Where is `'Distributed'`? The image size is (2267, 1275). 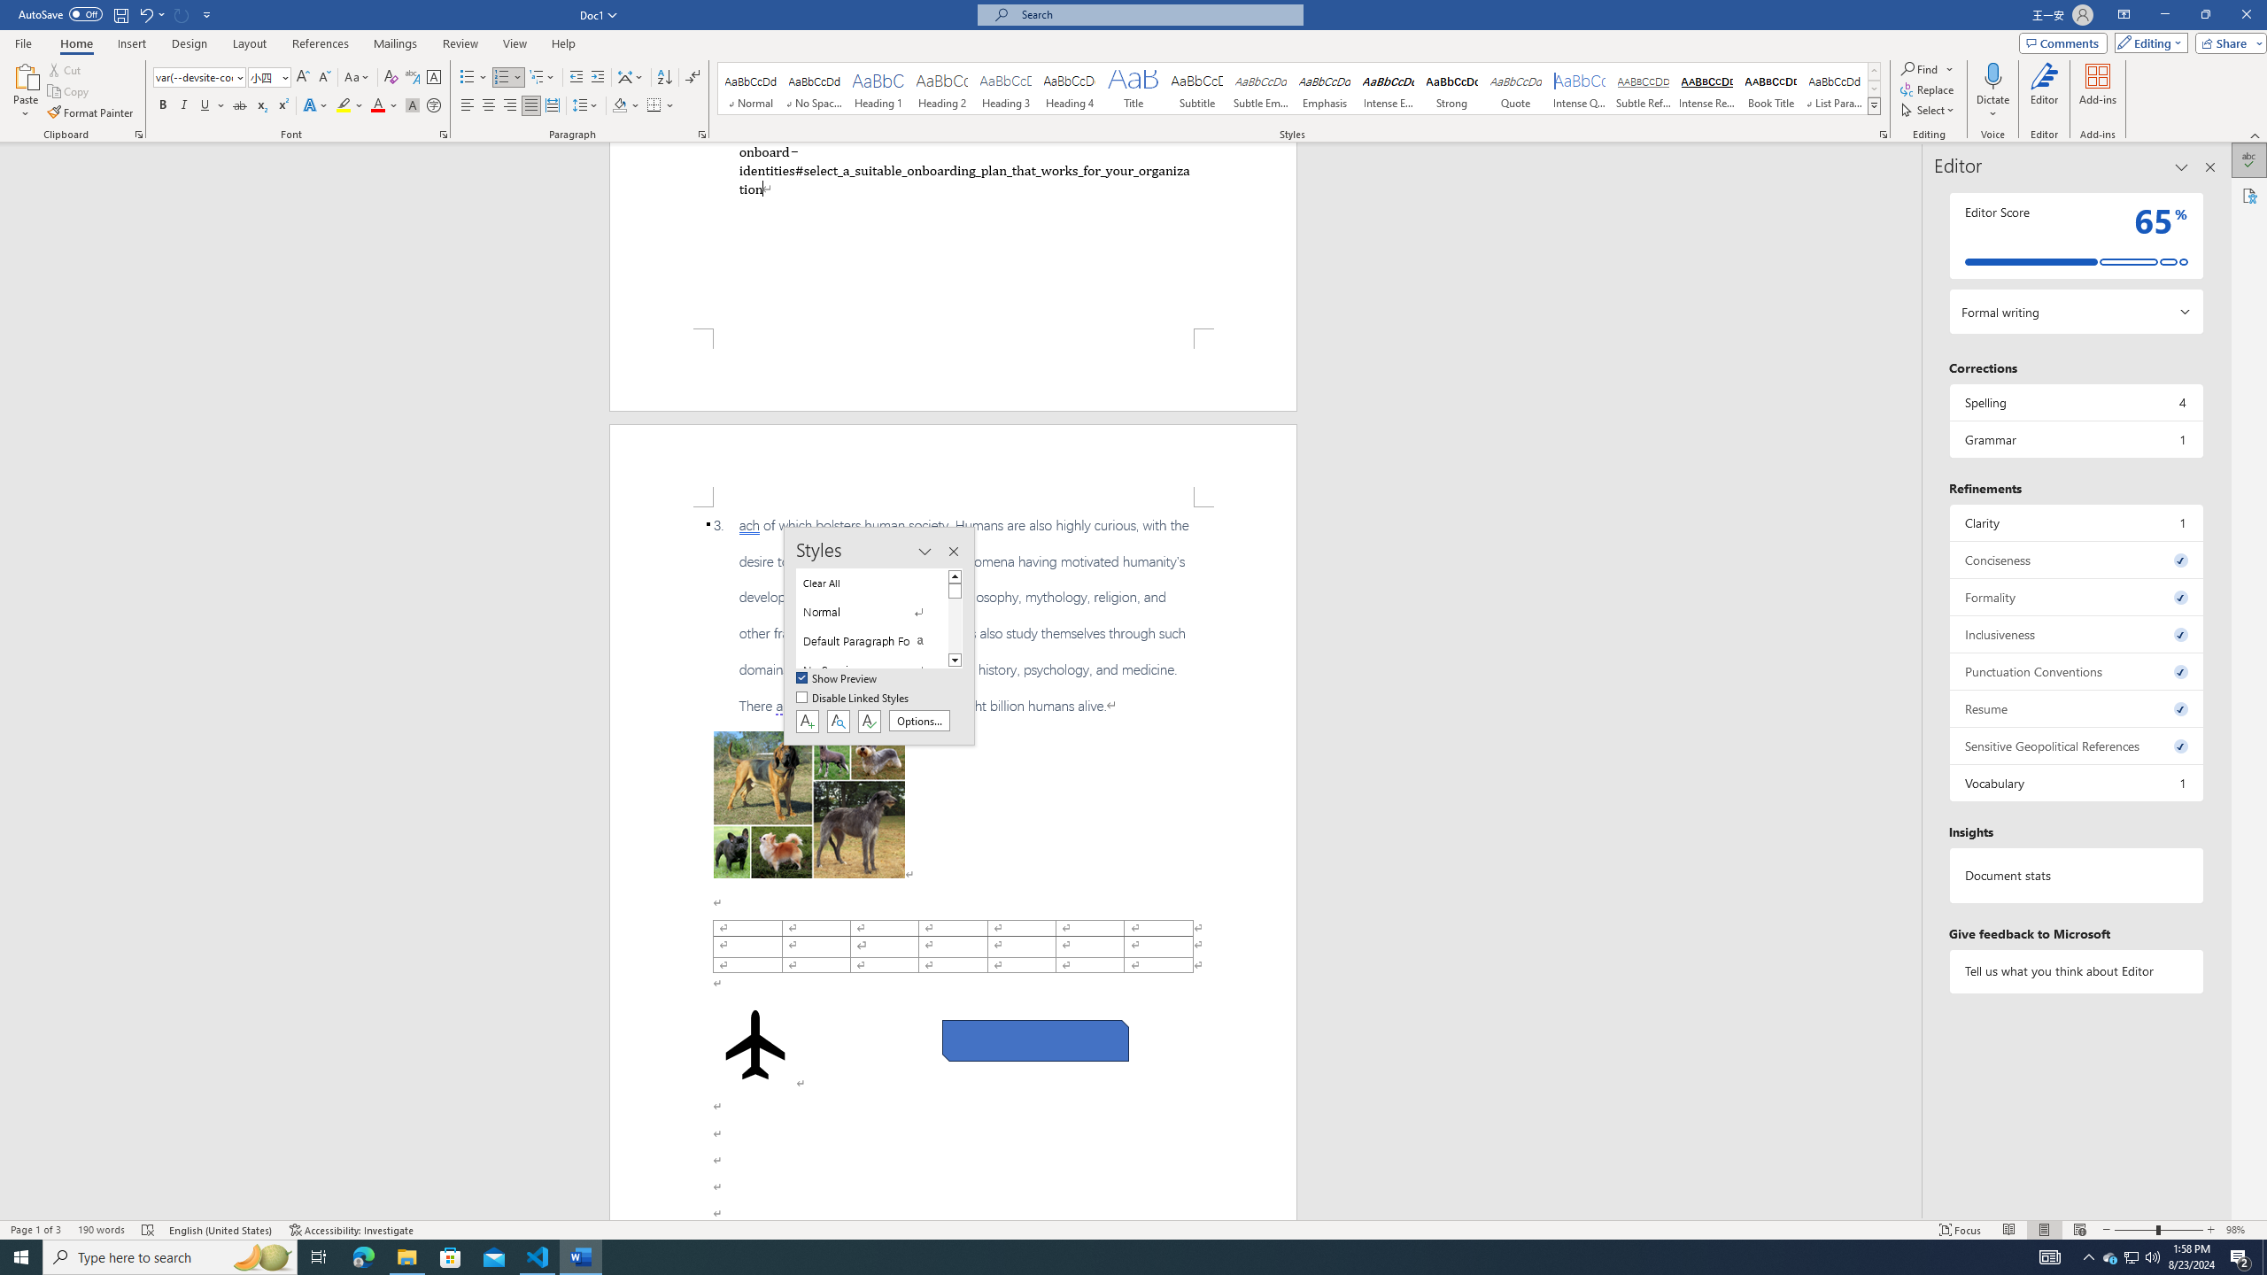
'Distributed' is located at coordinates (552, 104).